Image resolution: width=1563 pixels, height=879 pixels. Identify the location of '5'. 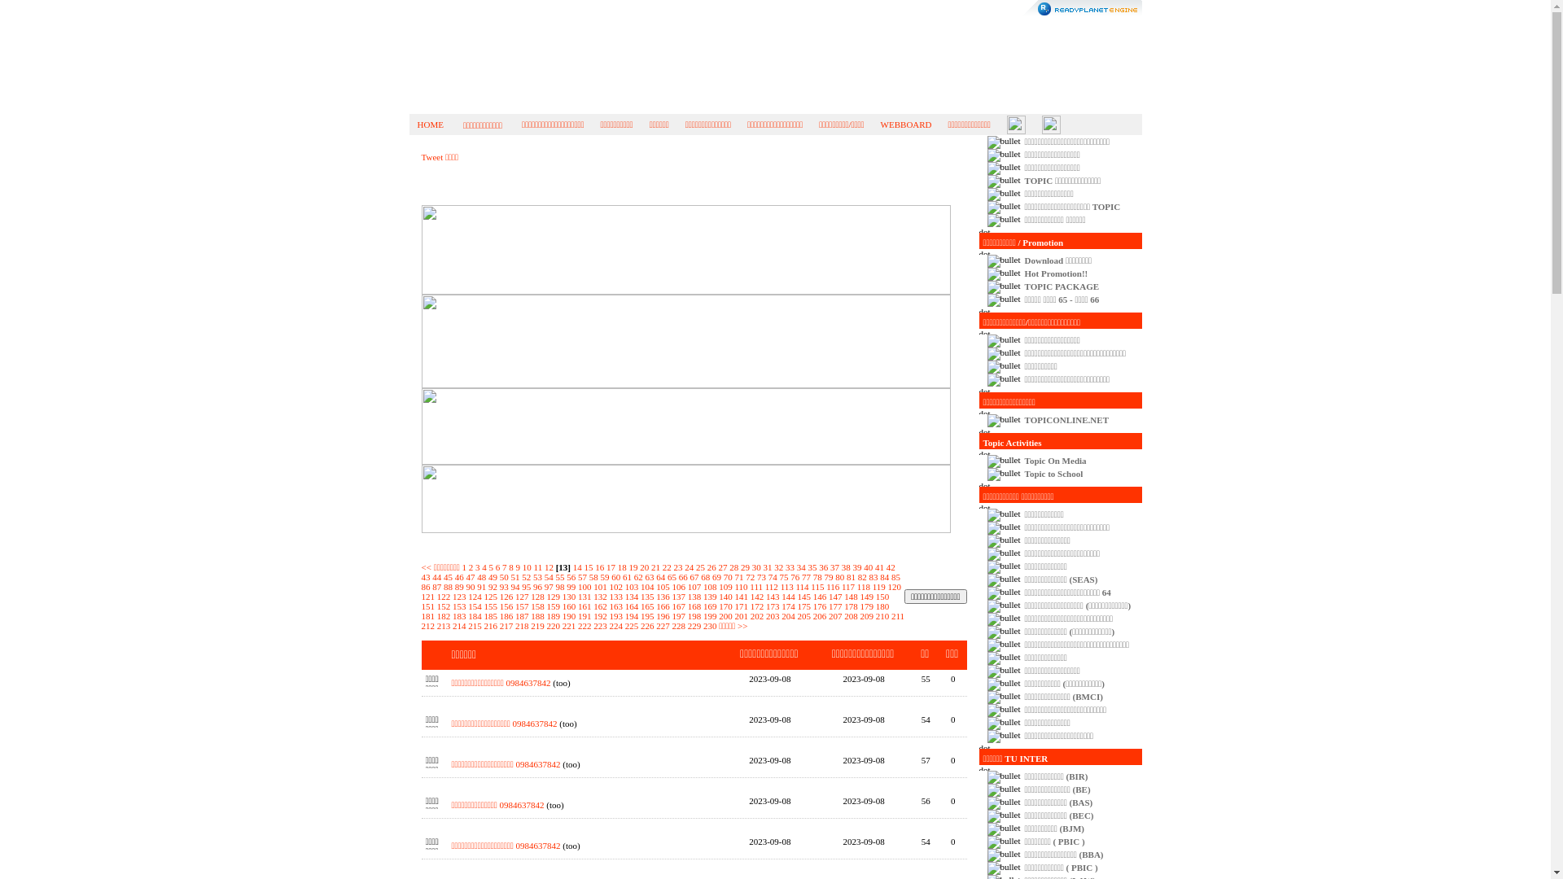
(491, 566).